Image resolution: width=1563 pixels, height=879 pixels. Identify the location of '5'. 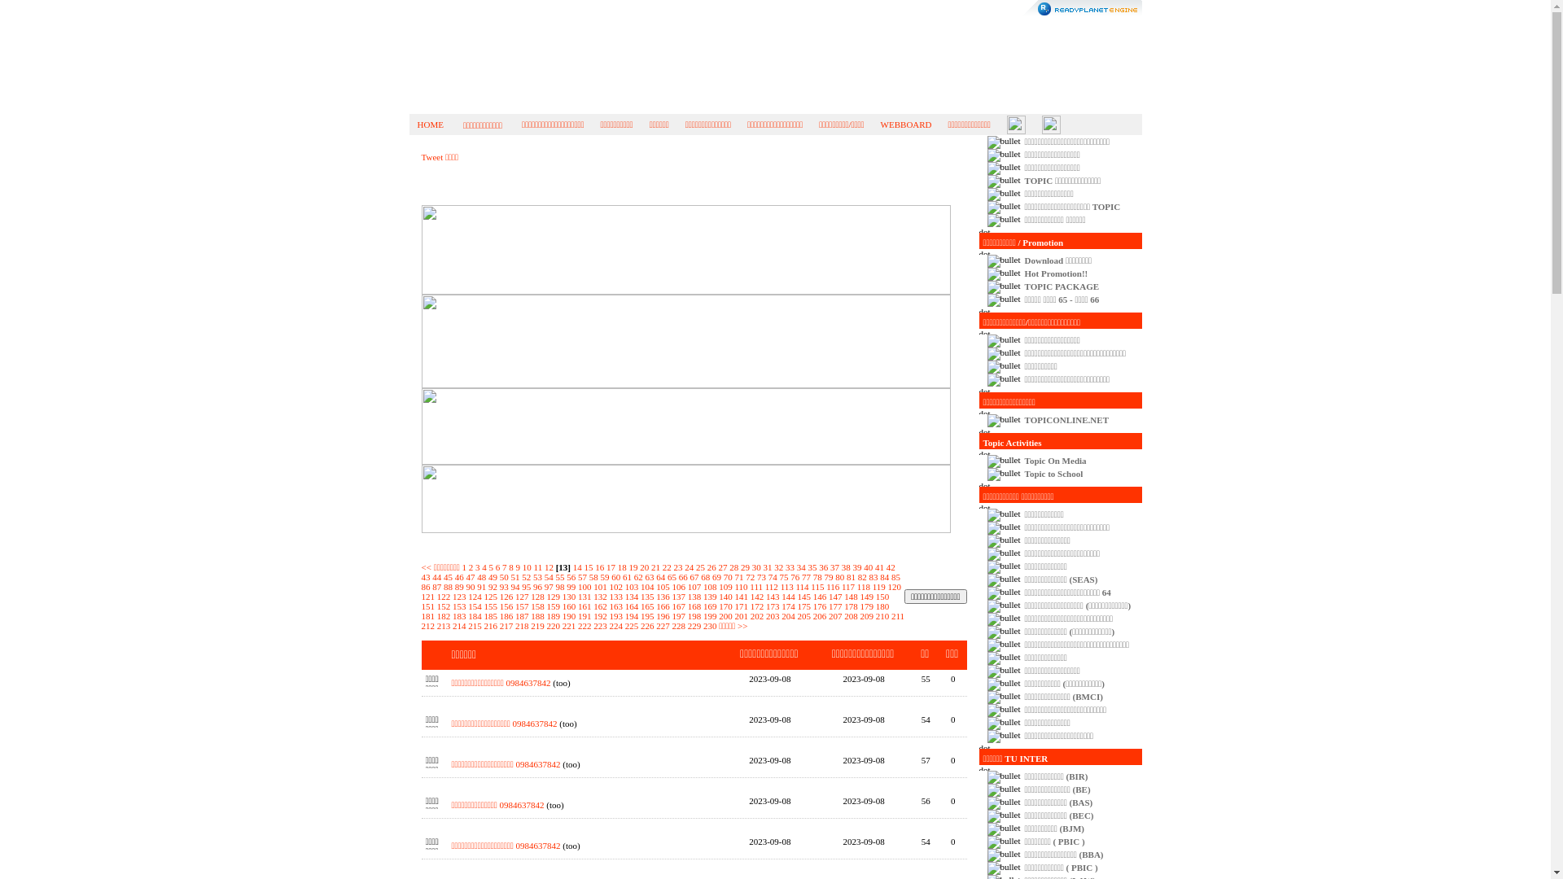
(491, 566).